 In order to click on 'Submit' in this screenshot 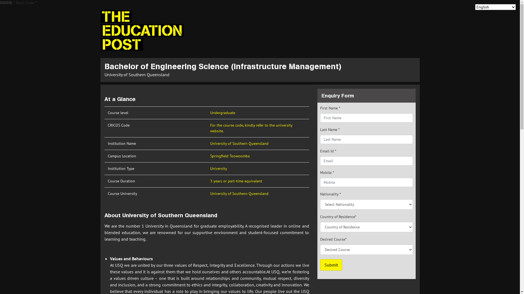, I will do `click(331, 264)`.